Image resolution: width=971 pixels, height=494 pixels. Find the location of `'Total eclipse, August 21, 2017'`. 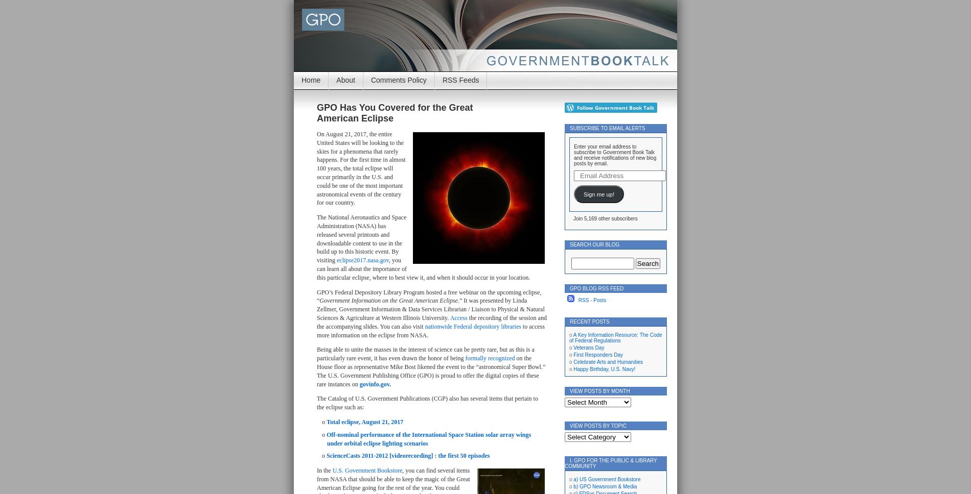

'Total eclipse, August 21, 2017' is located at coordinates (364, 421).